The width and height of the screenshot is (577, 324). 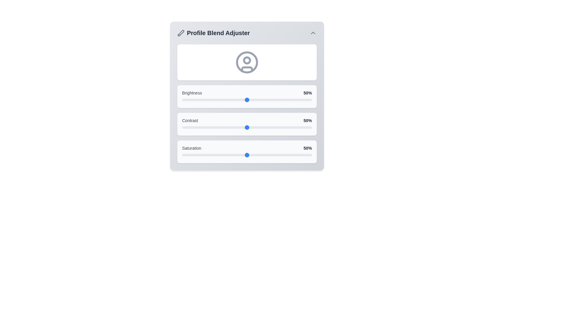 I want to click on contrast, so click(x=191, y=127).